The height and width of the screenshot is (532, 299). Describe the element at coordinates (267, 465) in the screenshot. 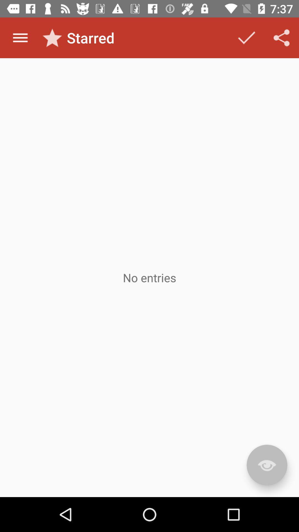

I see `the visibility icon` at that location.